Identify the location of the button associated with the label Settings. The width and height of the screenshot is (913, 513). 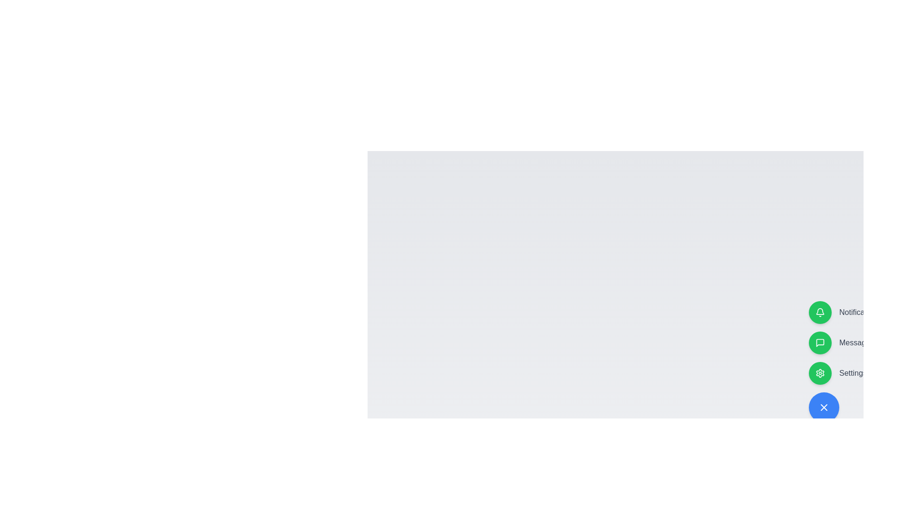
(819, 373).